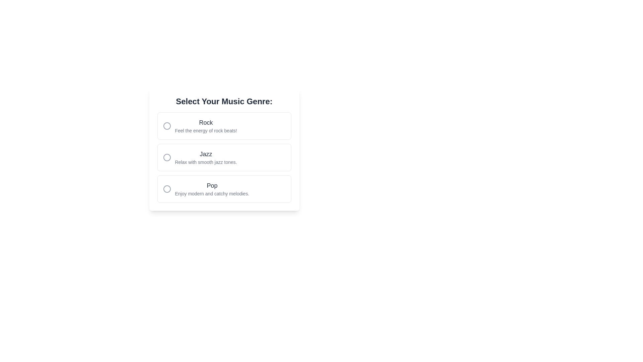 This screenshot has width=643, height=362. What do you see at coordinates (206, 126) in the screenshot?
I see `the text block titled 'Rock' that describes the energy of rock beats to trigger the tooltip` at bounding box center [206, 126].